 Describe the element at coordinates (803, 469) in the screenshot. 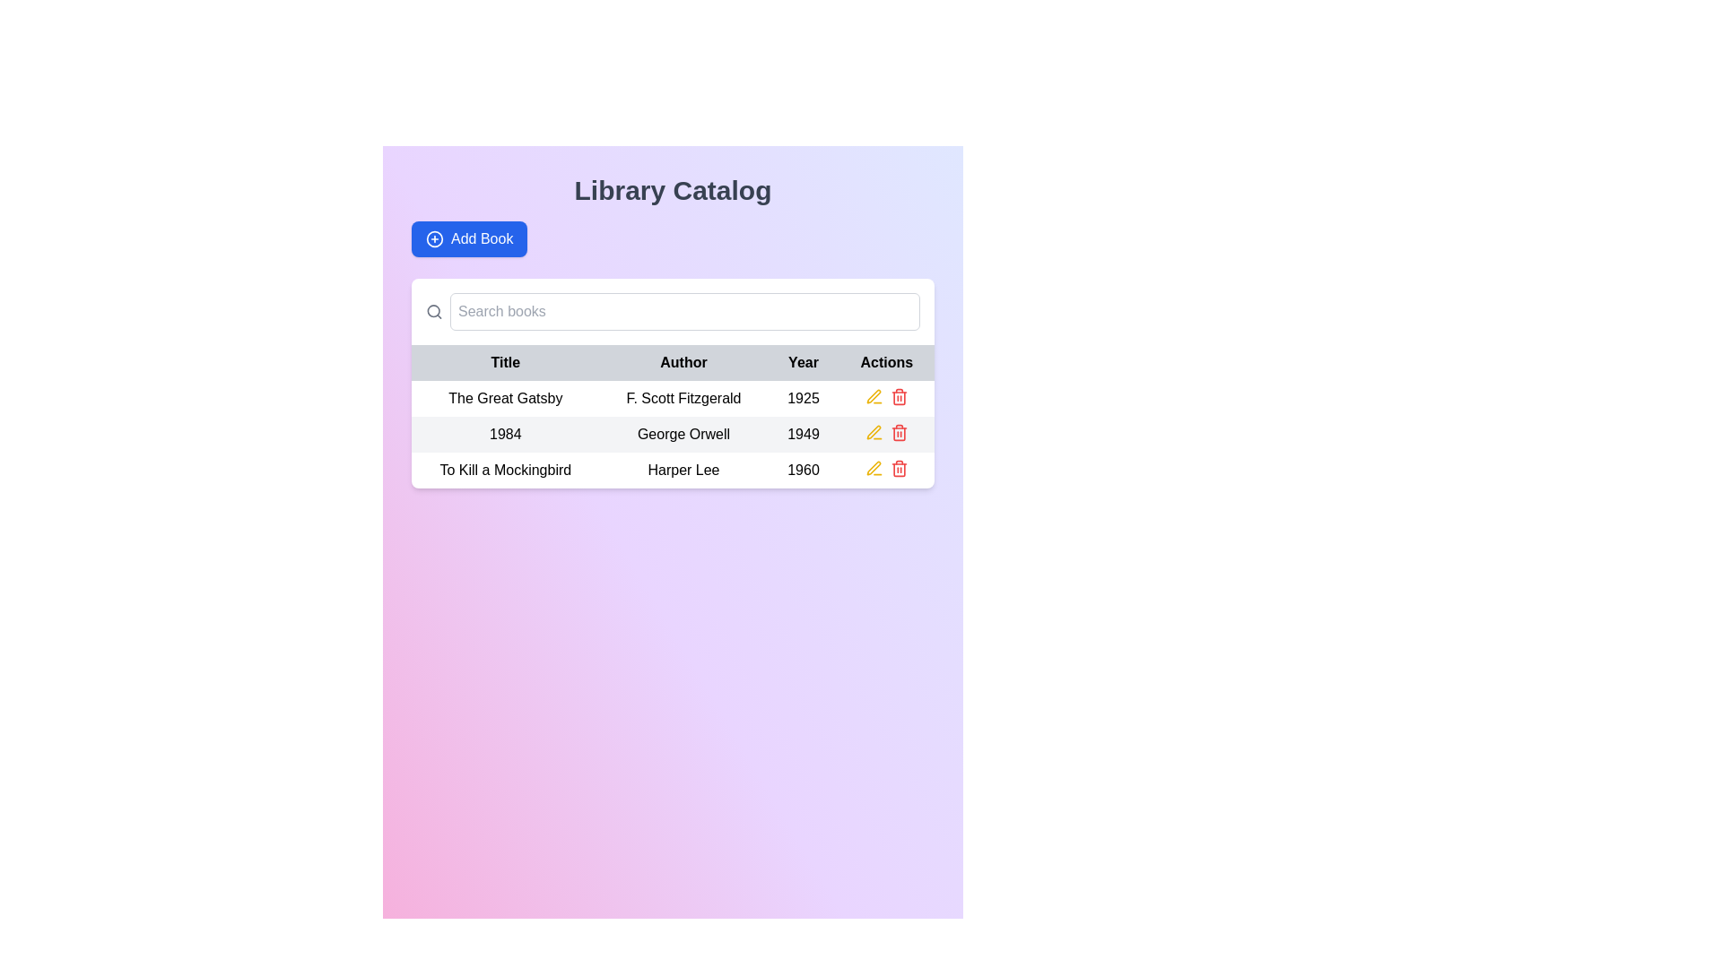

I see `the static text displaying the year associated with the book 'To Kill a Mockingbird' in the third row and third column of the table under the 'Year' column` at that location.